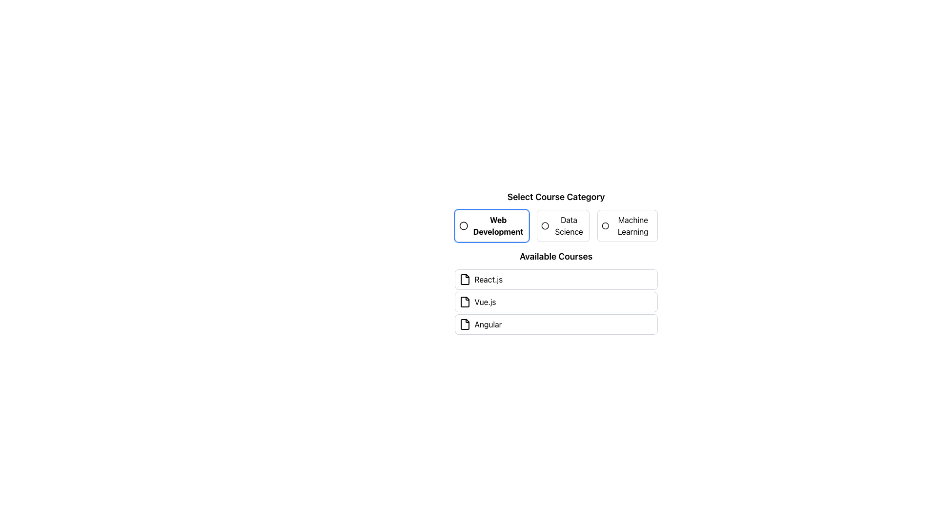 The height and width of the screenshot is (527, 937). Describe the element at coordinates (556, 225) in the screenshot. I see `the radio button labeled 'Data Science' in the Radio button group under the heading 'Select Course Category'` at that location.